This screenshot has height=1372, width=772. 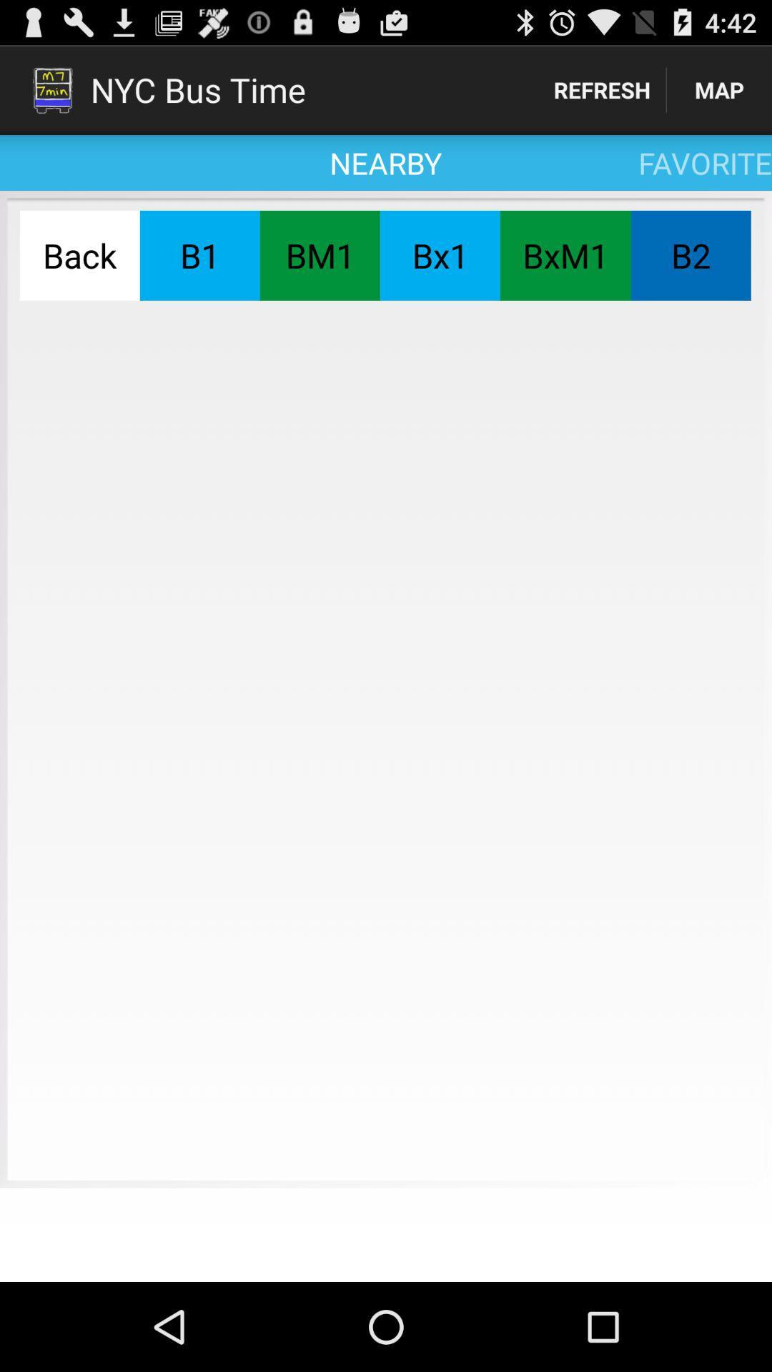 What do you see at coordinates (565, 255) in the screenshot?
I see `the icon below favorite icon` at bounding box center [565, 255].